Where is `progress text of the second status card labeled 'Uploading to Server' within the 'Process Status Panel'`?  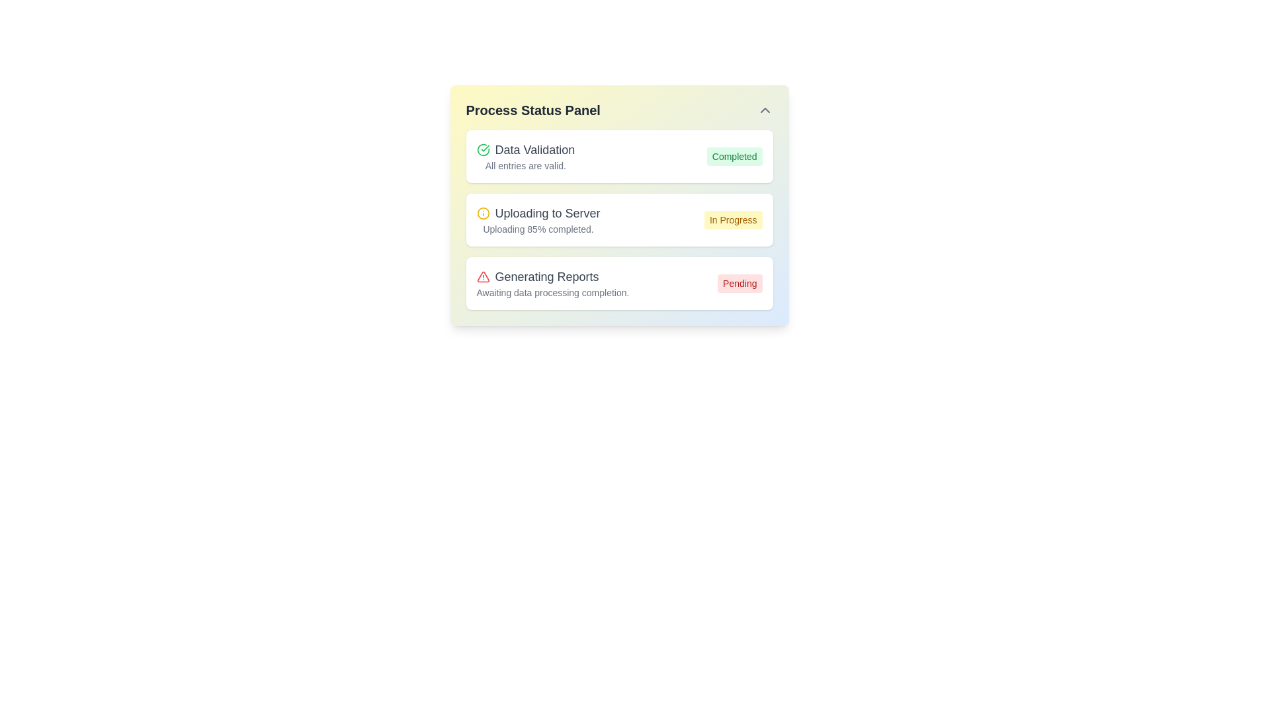 progress text of the second status card labeled 'Uploading to Server' within the 'Process Status Panel' is located at coordinates (618, 219).